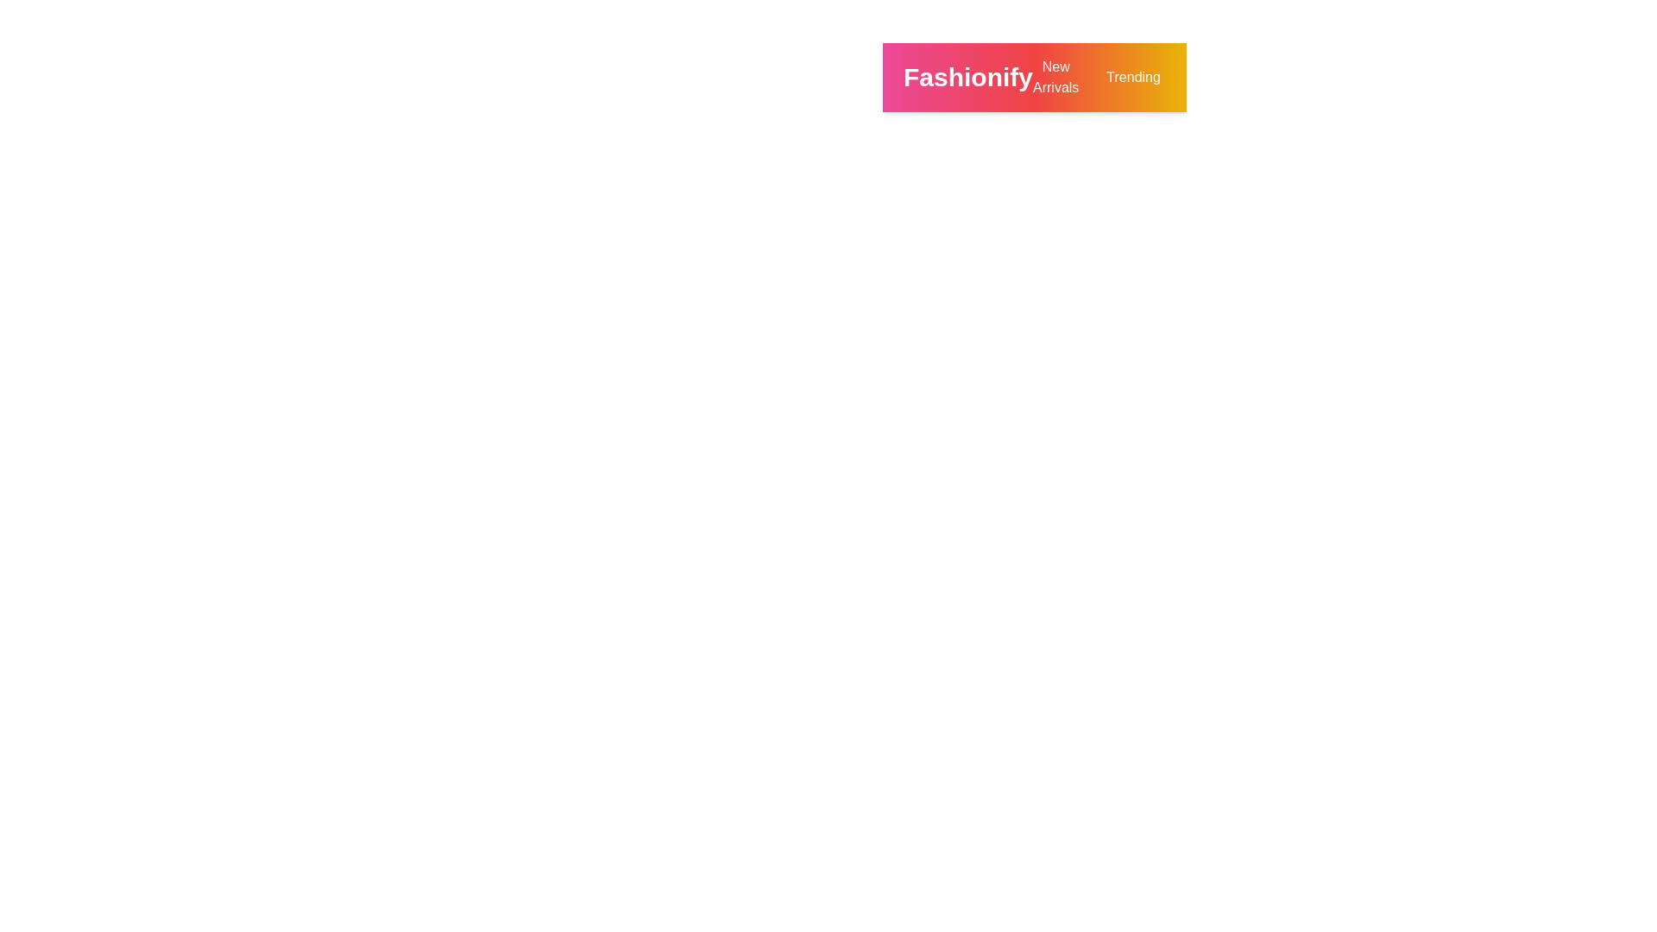 The height and width of the screenshot is (932, 1657). What do you see at coordinates (1133, 76) in the screenshot?
I see `the 'Trending' button in the navigation bar` at bounding box center [1133, 76].